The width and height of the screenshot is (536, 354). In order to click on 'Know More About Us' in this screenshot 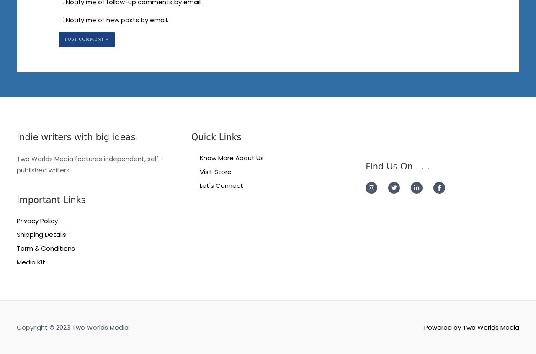, I will do `click(231, 157)`.